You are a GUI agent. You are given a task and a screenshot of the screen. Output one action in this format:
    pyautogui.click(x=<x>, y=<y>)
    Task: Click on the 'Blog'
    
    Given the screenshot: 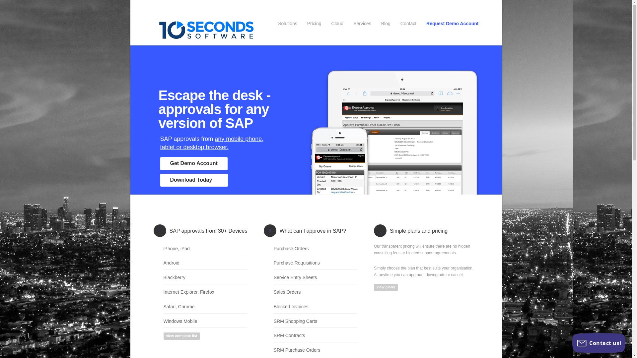 What is the action you would take?
    pyautogui.click(x=386, y=24)
    